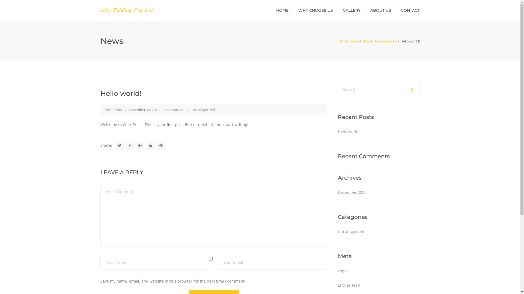 This screenshot has width=524, height=294. Describe the element at coordinates (315, 10) in the screenshot. I see `'WHY CHOOSE US'` at that location.